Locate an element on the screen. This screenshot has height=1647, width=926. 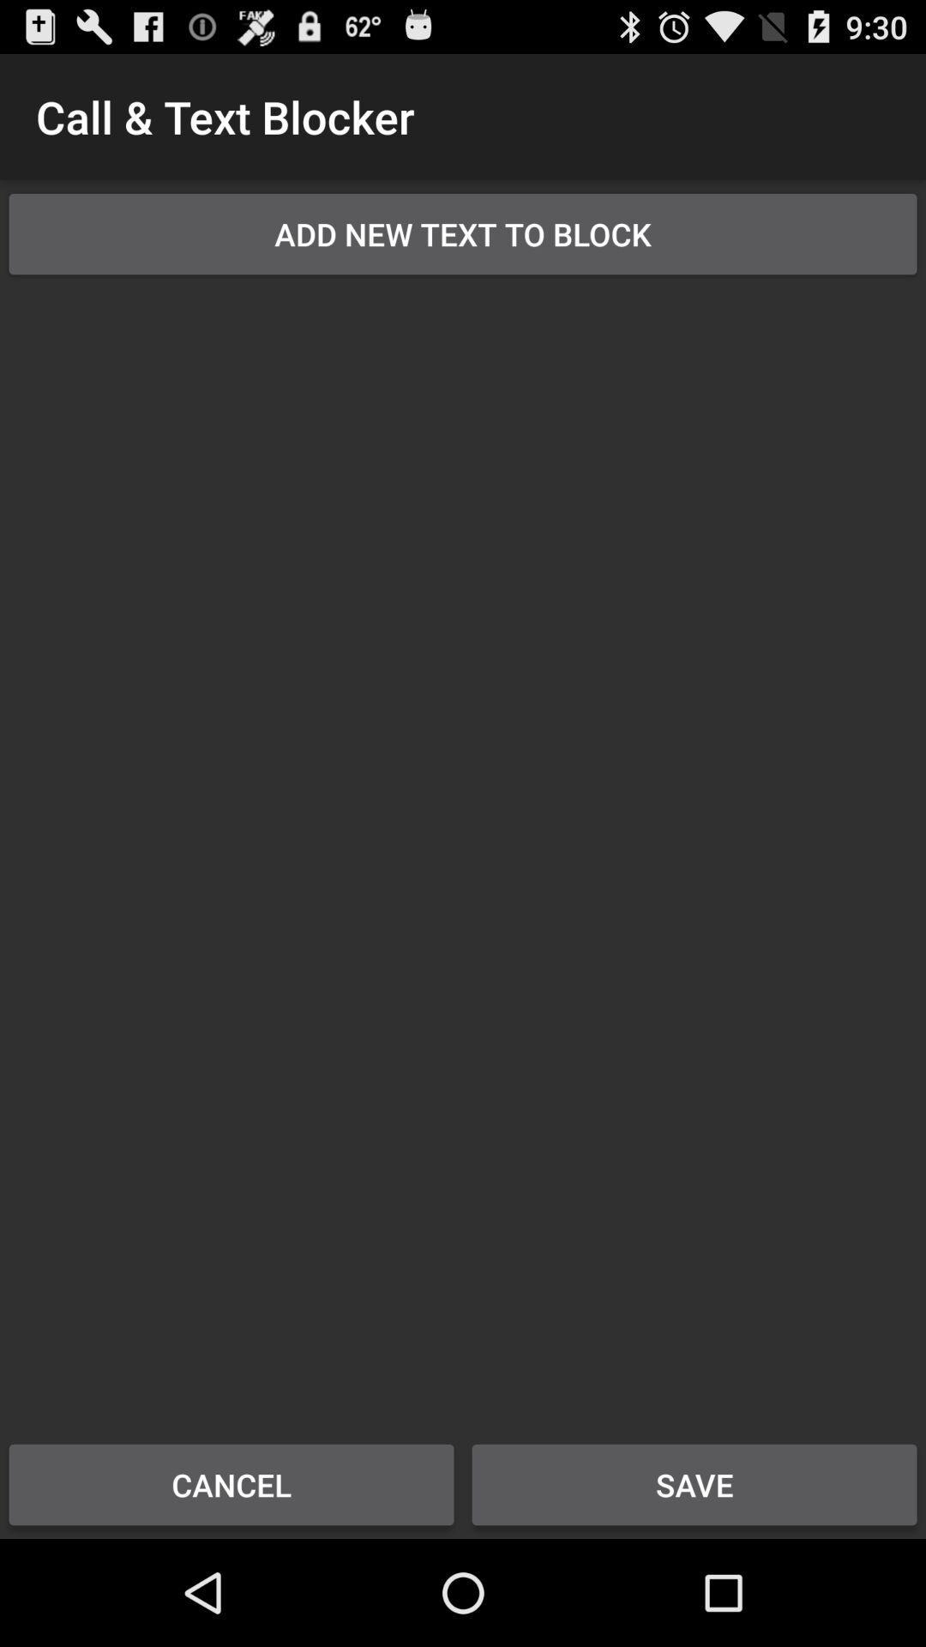
the item at the center is located at coordinates (463, 848).